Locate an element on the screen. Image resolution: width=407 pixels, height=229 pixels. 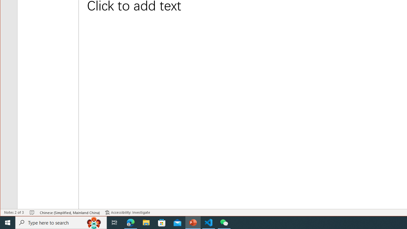
'PowerPoint - 1 running window' is located at coordinates (193, 222).